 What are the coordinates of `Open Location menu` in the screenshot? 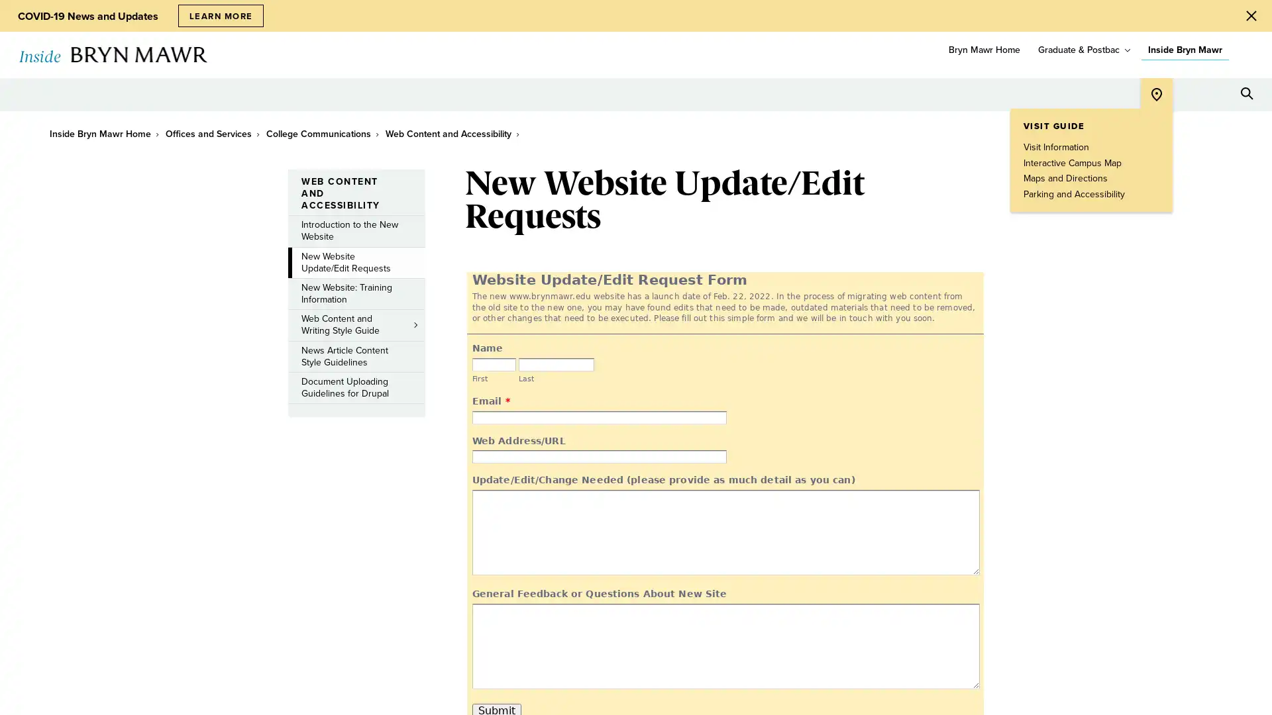 It's located at (1148, 92).